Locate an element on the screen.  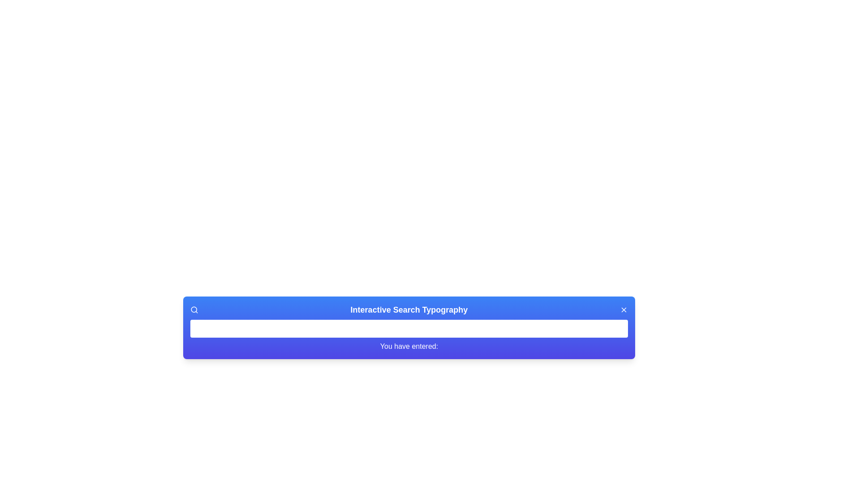
the Search Icon, which is a magnifying glass icon with a white stroke on a blue rounded background is located at coordinates (193, 309).